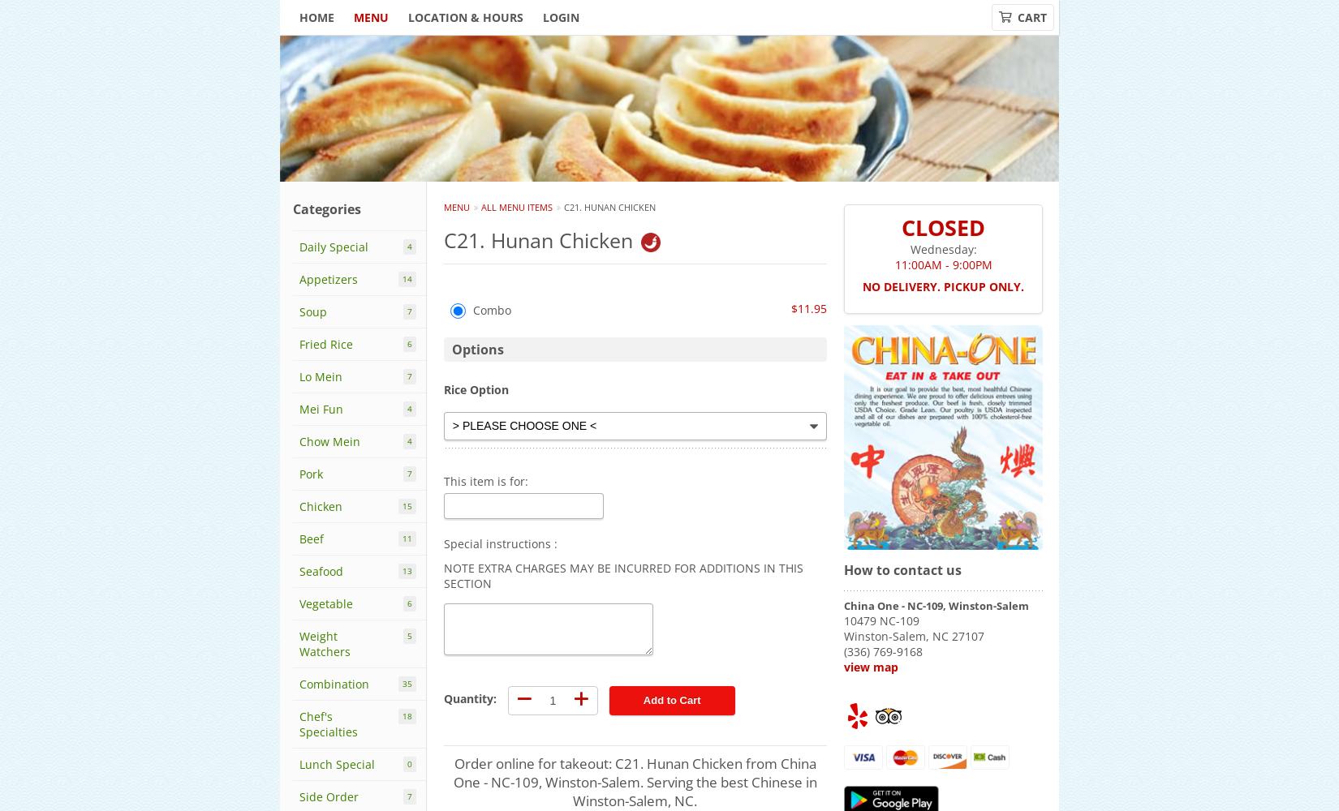 The image size is (1339, 811). I want to click on 'Side Order', so click(329, 796).